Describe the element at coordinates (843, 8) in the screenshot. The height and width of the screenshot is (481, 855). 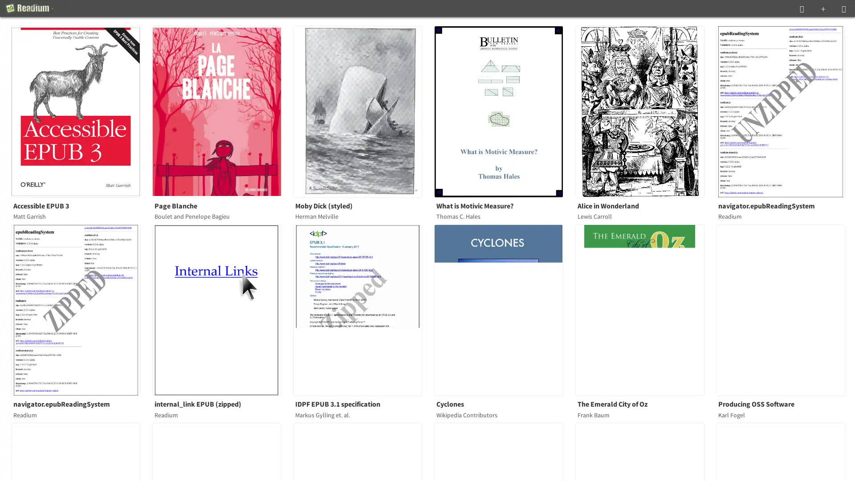
I see `Settings [o]` at that location.